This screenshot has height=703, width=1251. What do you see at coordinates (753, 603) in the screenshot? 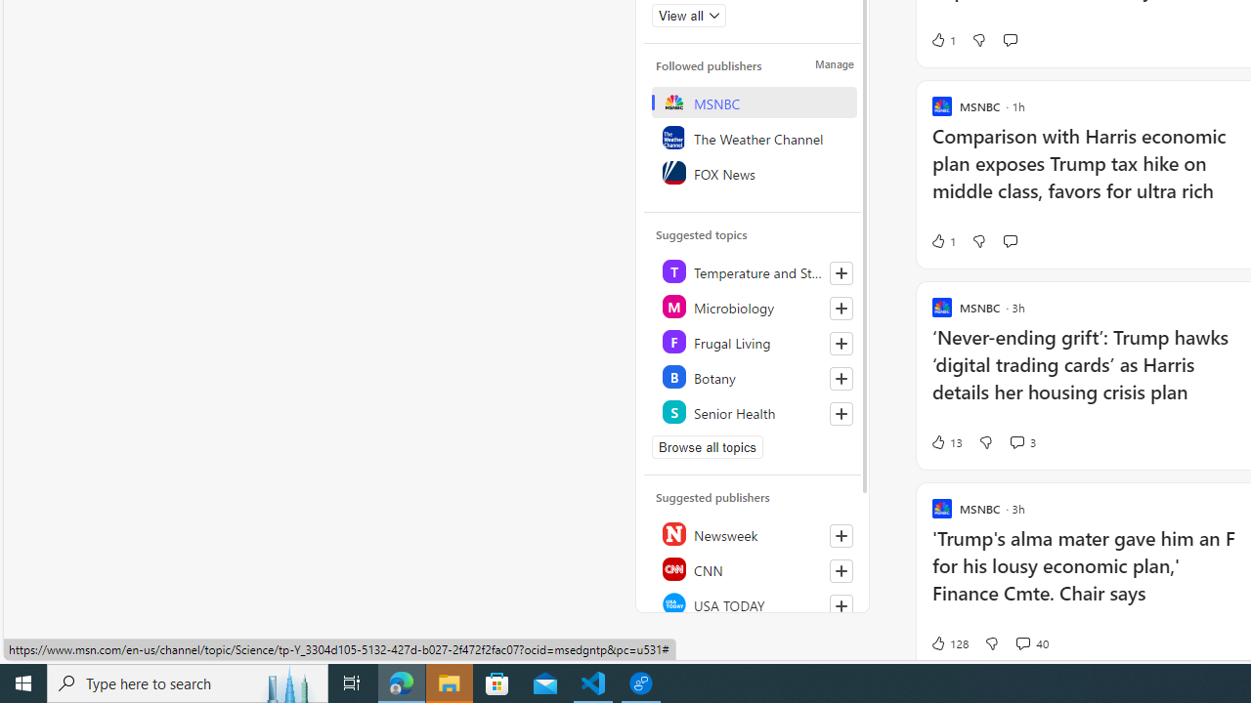
I see `'USA TODAY'` at bounding box center [753, 603].